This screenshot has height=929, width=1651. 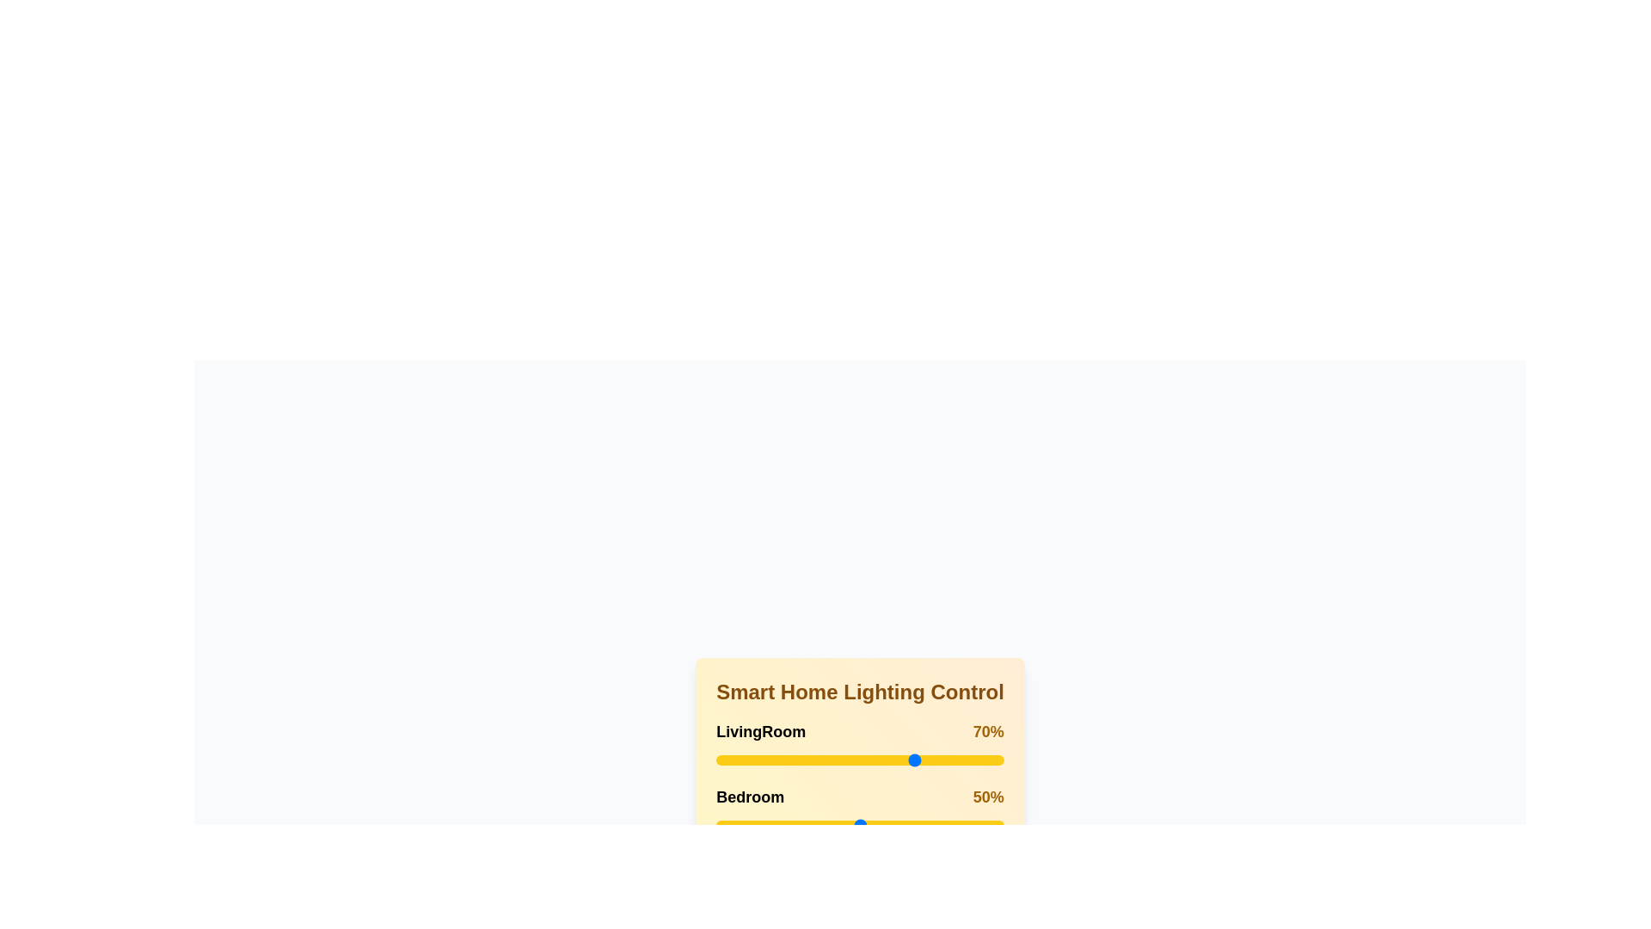 I want to click on the lighting control value, so click(x=725, y=759).